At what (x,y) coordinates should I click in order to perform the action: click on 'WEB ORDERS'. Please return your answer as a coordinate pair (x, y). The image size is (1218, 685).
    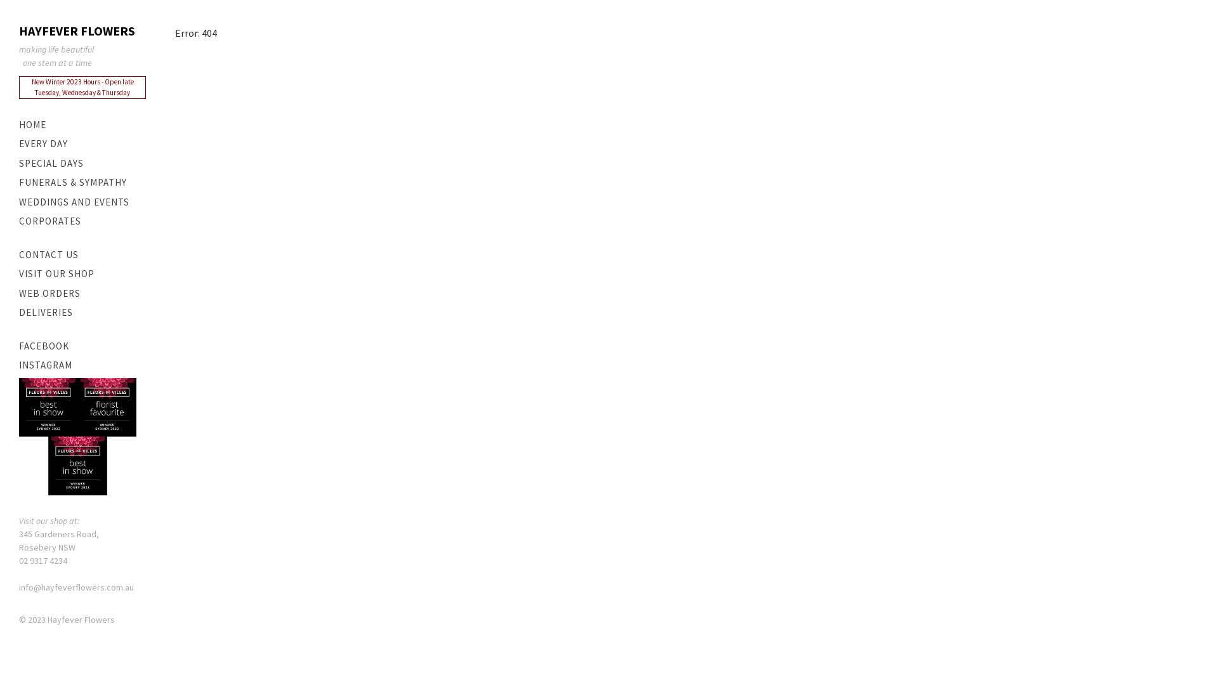
    Looking at the image, I should click on (18, 294).